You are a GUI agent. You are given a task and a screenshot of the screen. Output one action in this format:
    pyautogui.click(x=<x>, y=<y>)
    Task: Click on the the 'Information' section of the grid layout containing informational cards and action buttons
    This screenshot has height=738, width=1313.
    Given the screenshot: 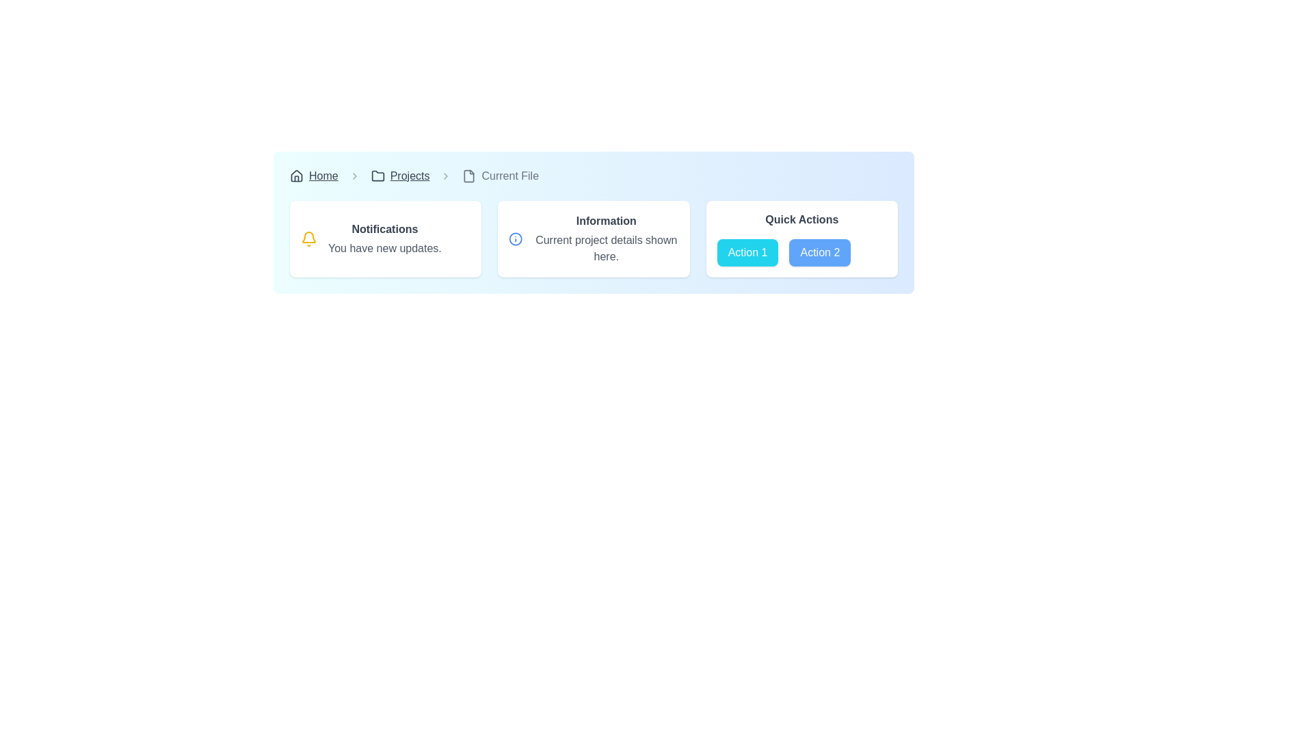 What is the action you would take?
    pyautogui.click(x=594, y=238)
    